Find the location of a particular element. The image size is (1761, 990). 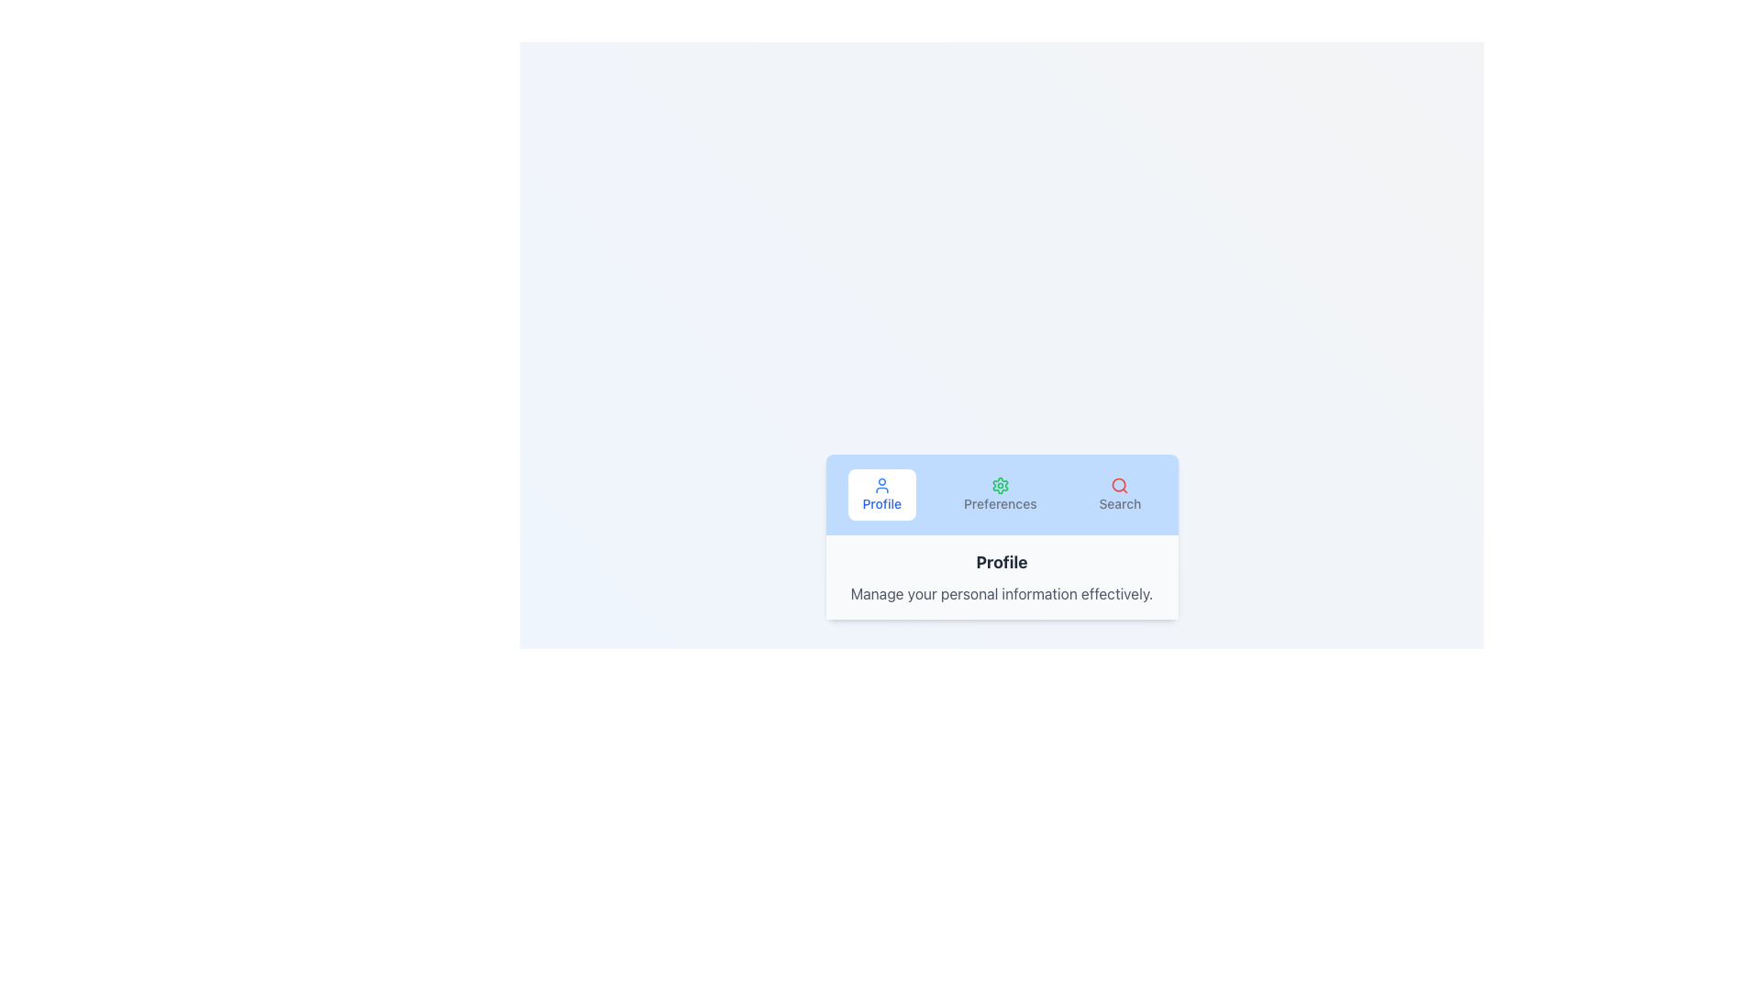

the 'Preferences' settings icon located in the middle of a horizontal group of options is located at coordinates (999, 484).